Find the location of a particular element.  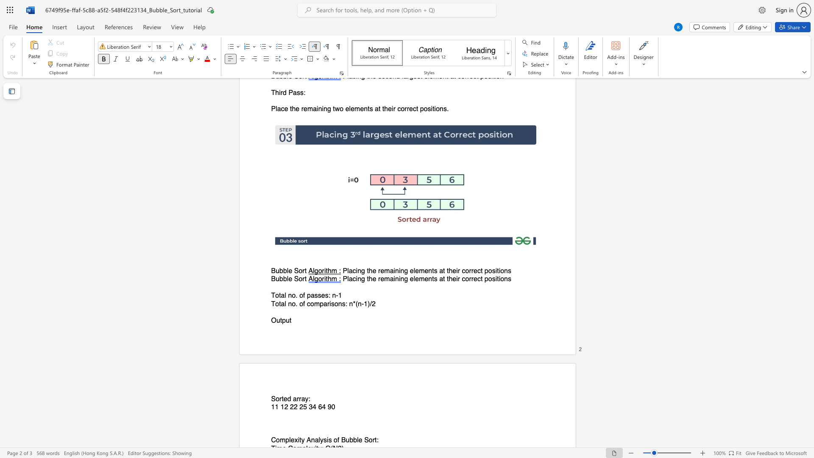

the subset text "ing the remaining elements at their correct positions" within the text "Placing the remaining elements at their correct positions" is located at coordinates (356, 271).